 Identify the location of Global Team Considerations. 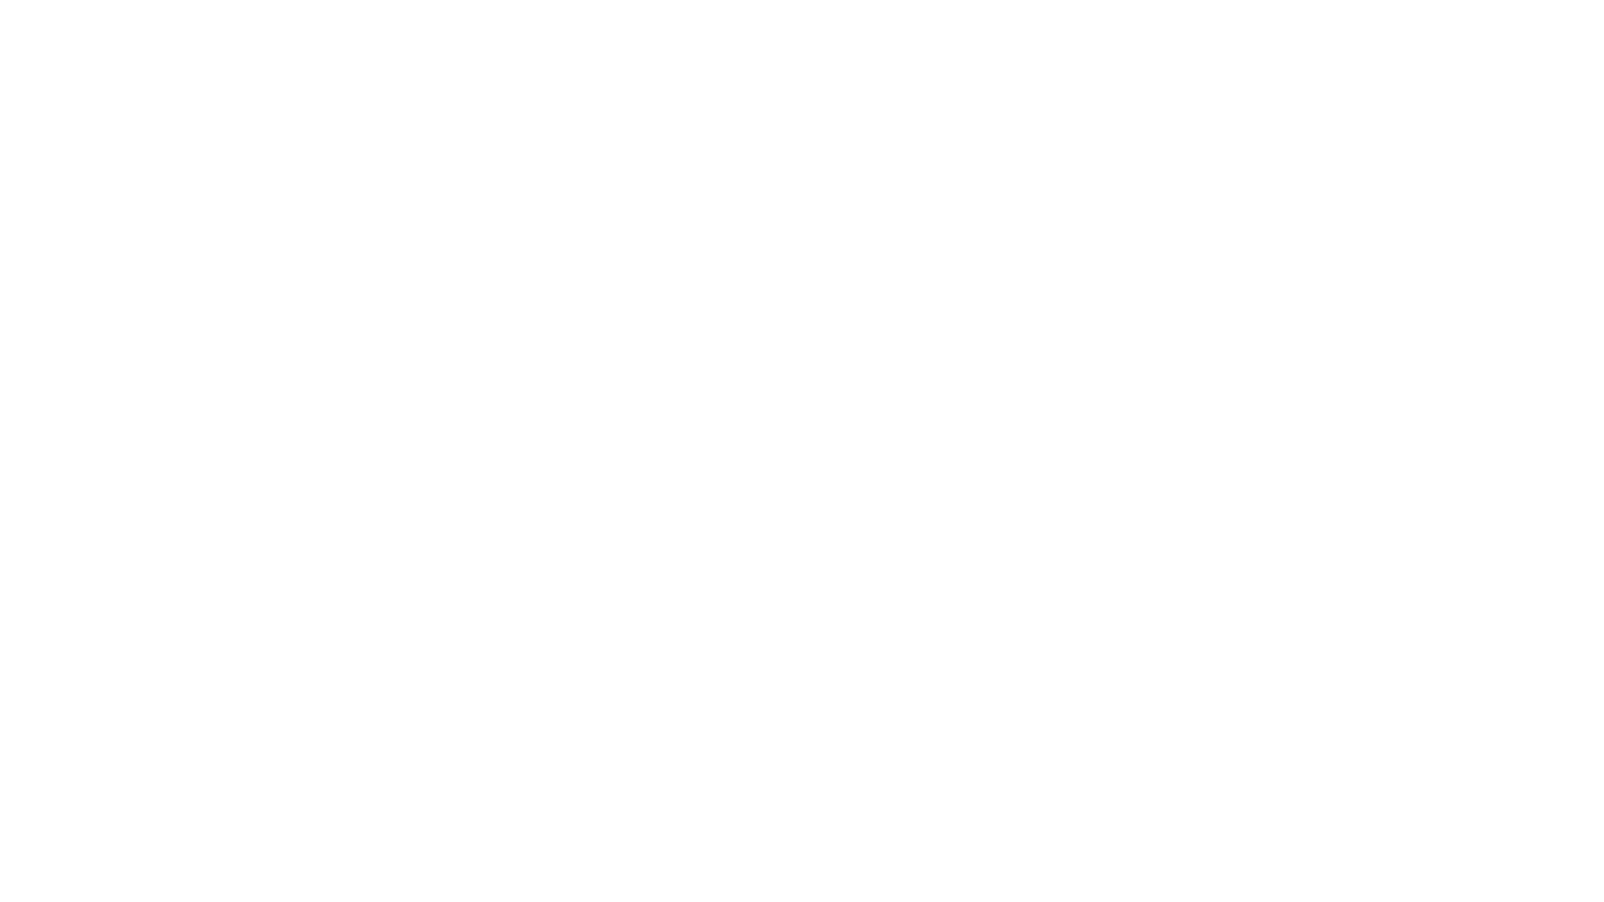
(802, 380).